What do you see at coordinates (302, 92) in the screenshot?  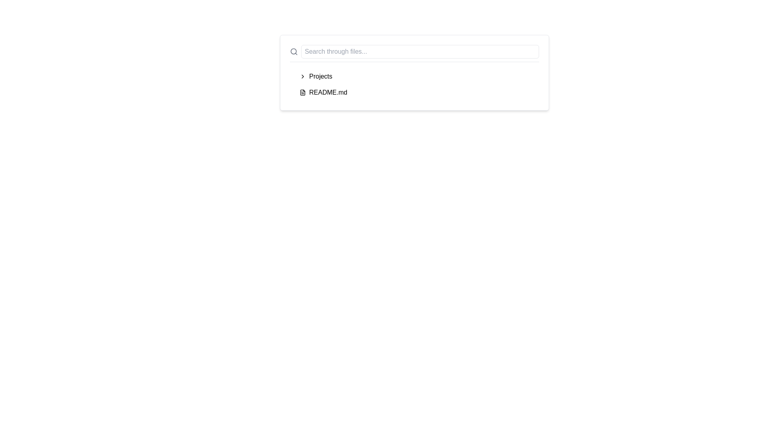 I see `the 'README.md' file icon located at the far left of its row` at bounding box center [302, 92].